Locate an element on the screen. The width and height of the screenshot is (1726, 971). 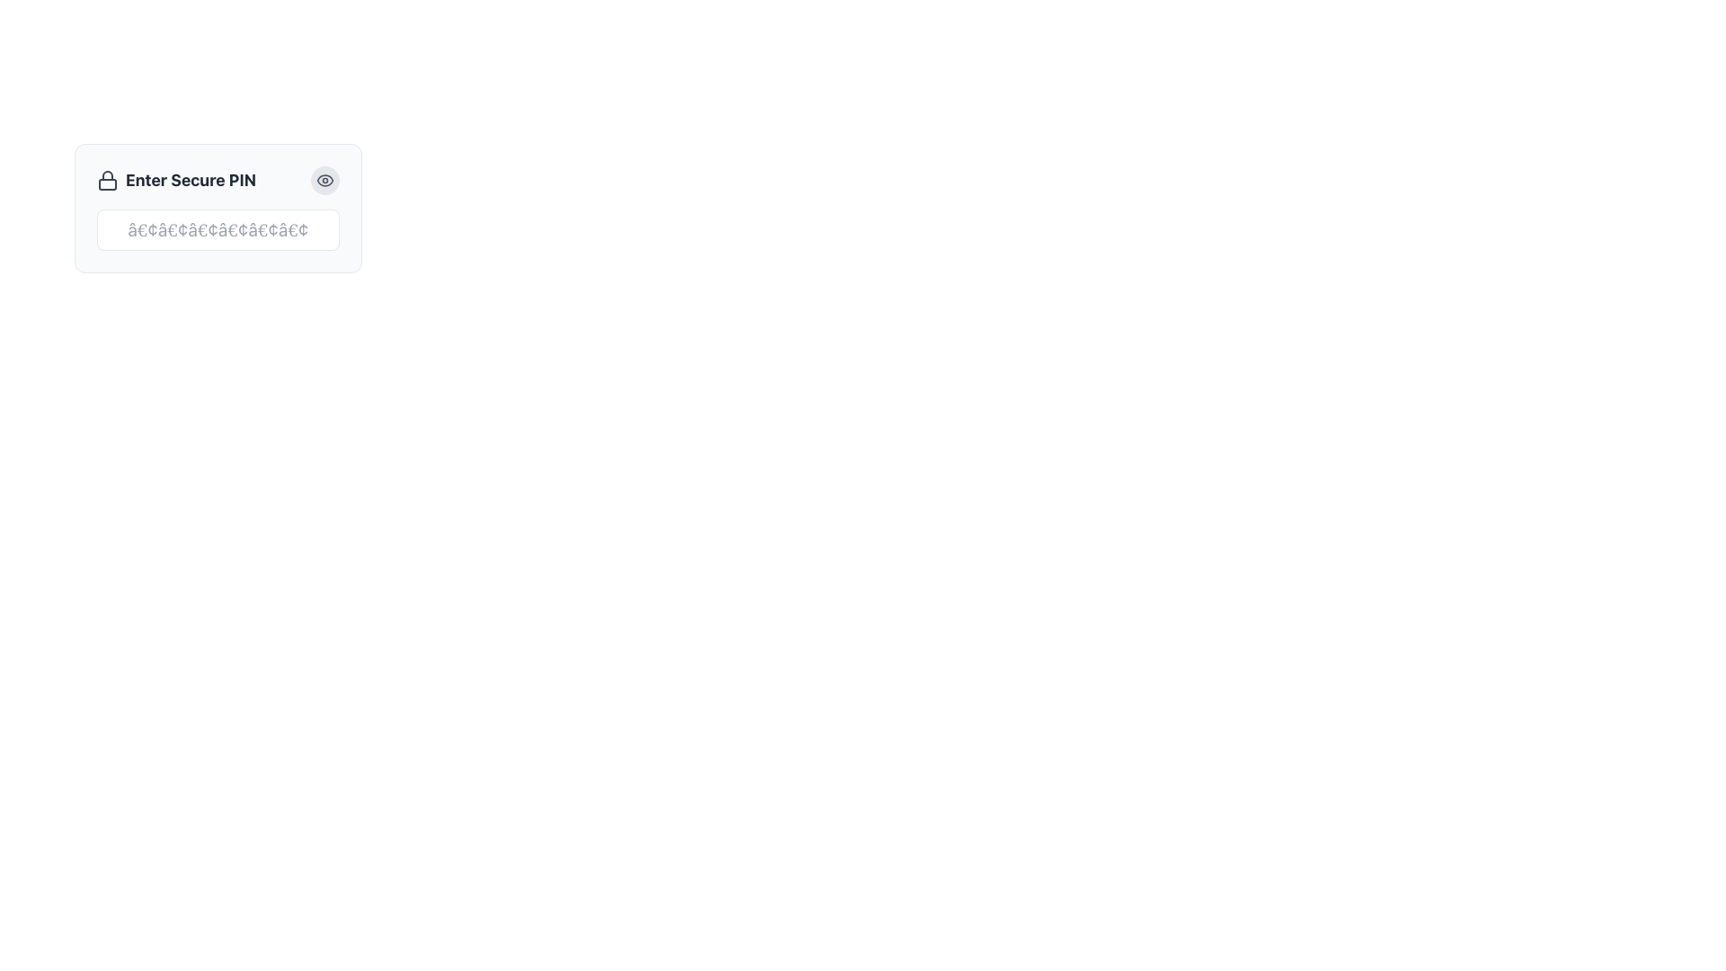
the visibility toggle button located in the top-right corner of the secure PIN input field is located at coordinates (325, 180).